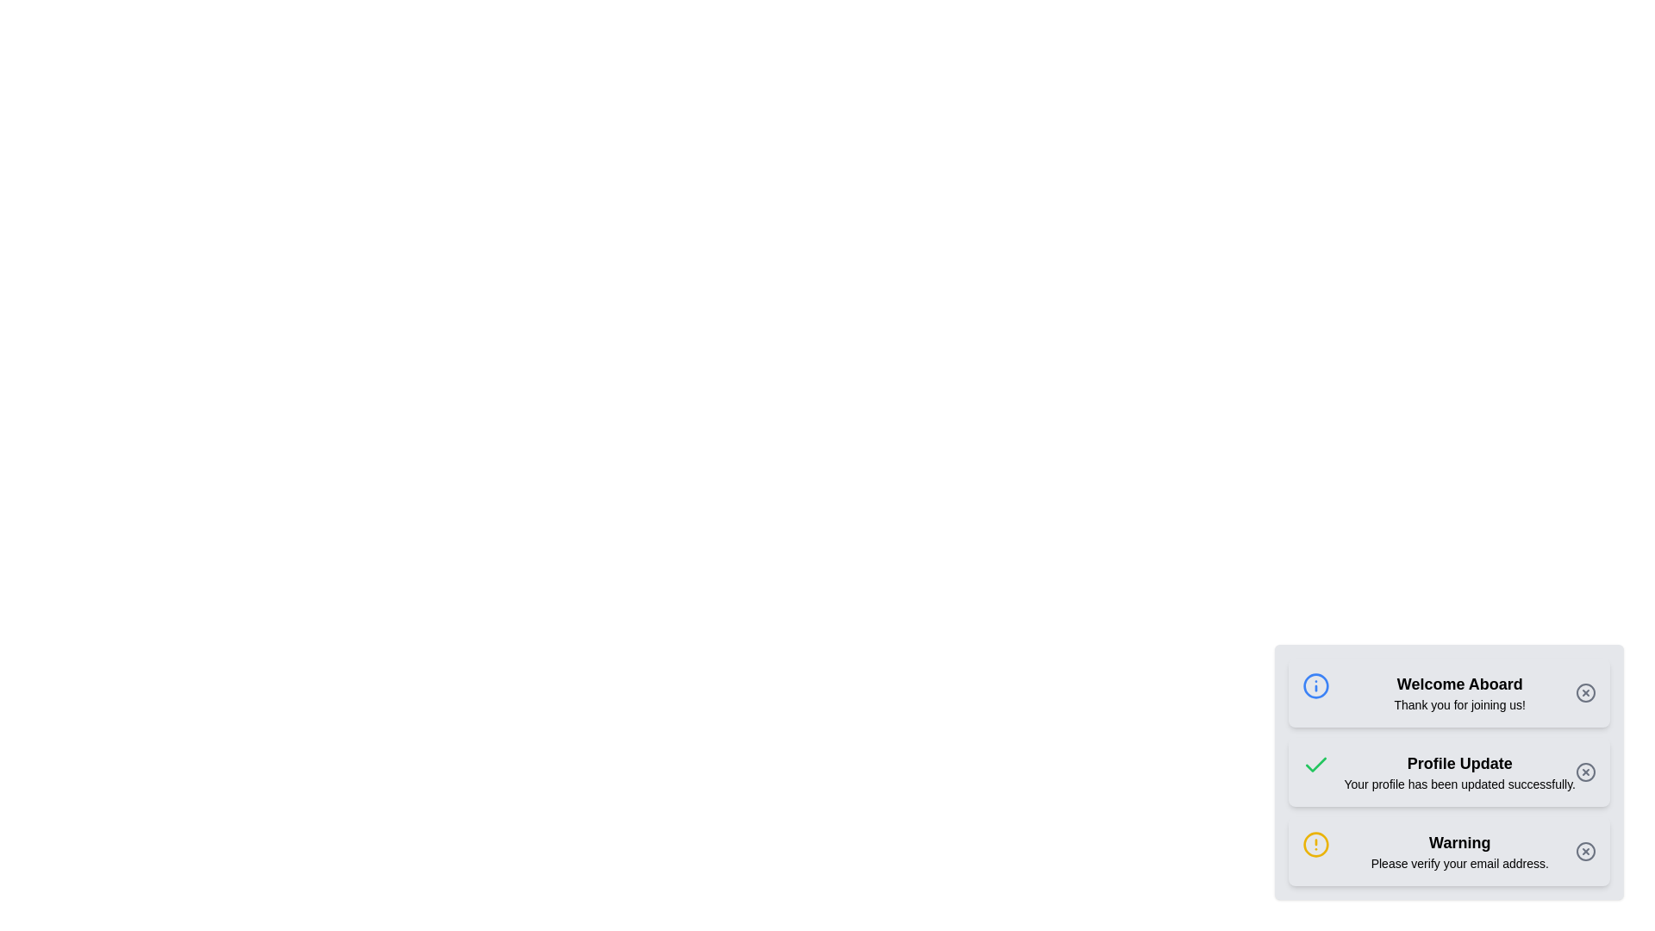 The width and height of the screenshot is (1655, 931). I want to click on the green checkmark icon outlined in a circular style, located in the middle notification card displaying the message 'Profile Update', so click(1315, 764).